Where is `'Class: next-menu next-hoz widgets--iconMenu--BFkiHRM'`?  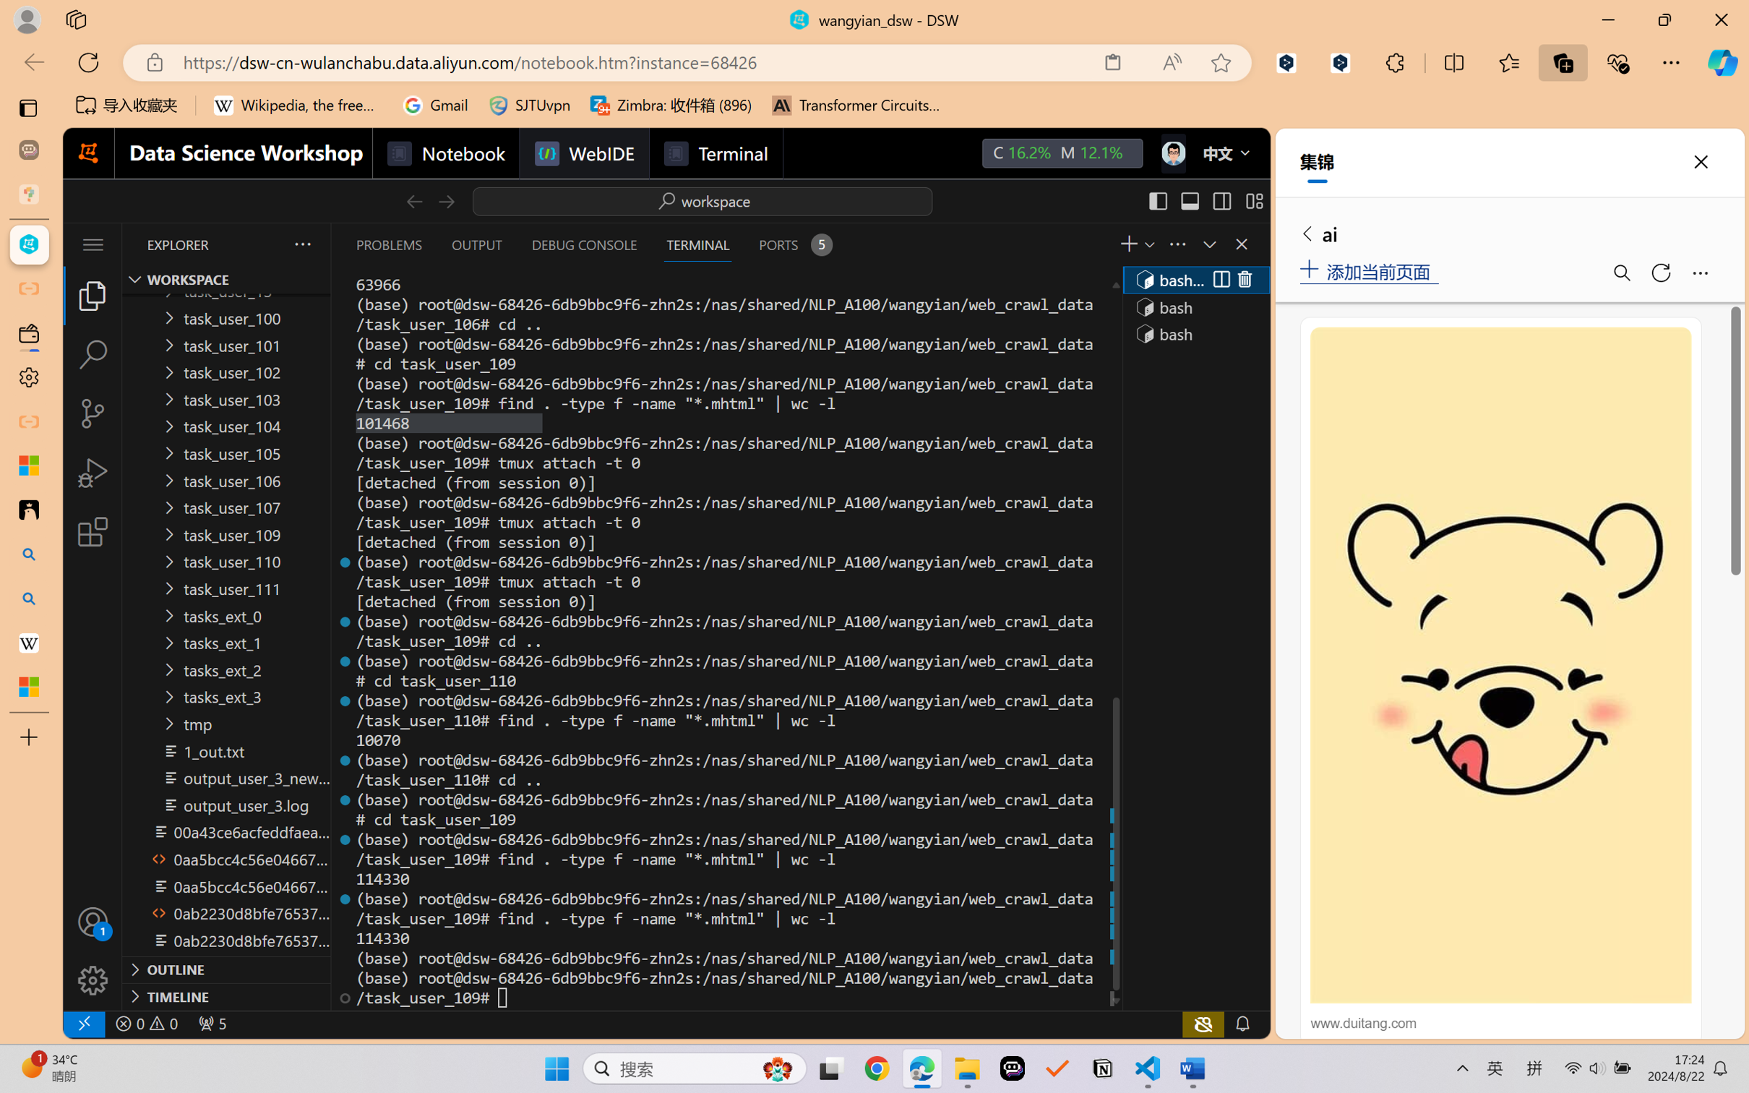
'Class: next-menu next-hoz widgets--iconMenu--BFkiHRM' is located at coordinates (1172, 153).